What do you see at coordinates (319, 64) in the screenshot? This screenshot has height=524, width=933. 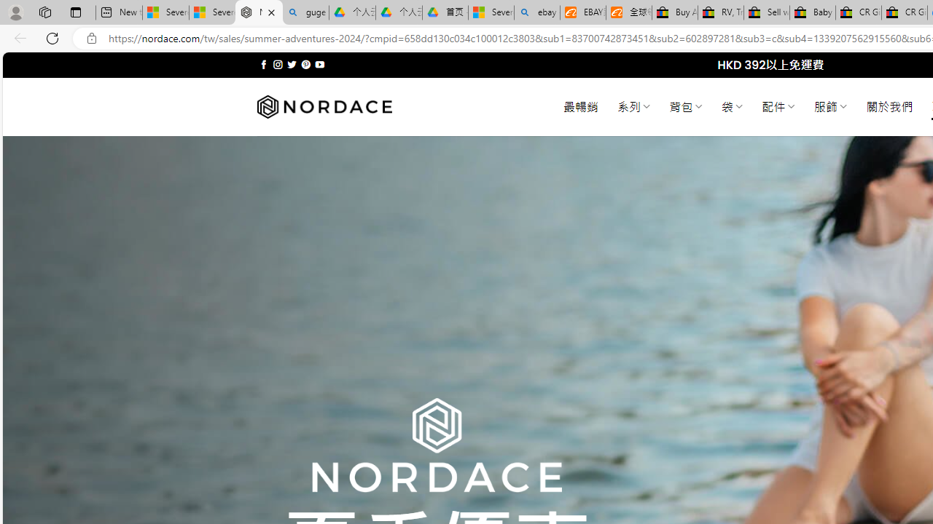 I see `'Follow on YouTube'` at bounding box center [319, 64].